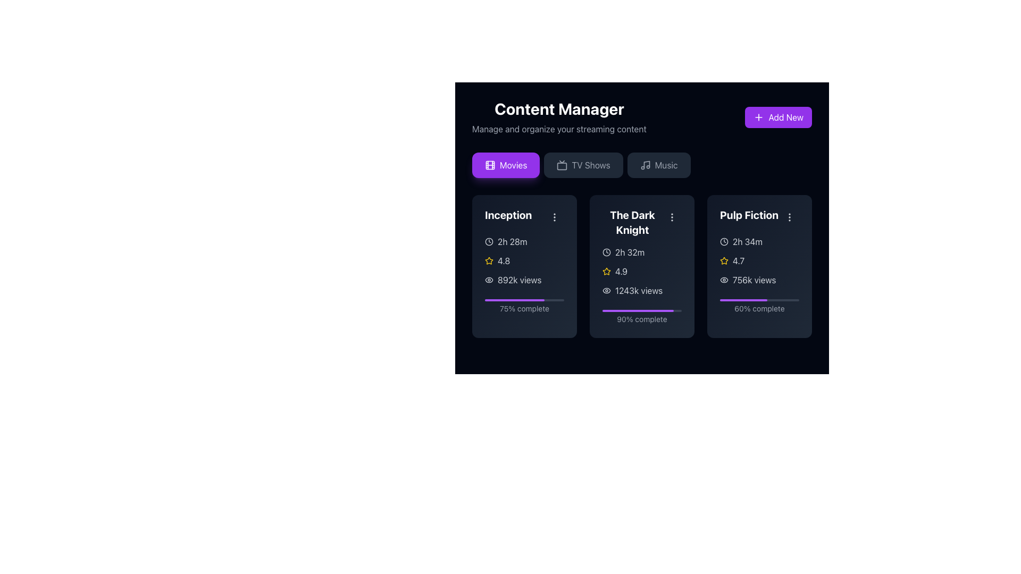 This screenshot has width=1021, height=574. What do you see at coordinates (558, 129) in the screenshot?
I see `the static text element that serves as a descriptive subtitle for the 'Content Manager' section, located directly beneath the heading 'Content Manager'` at bounding box center [558, 129].